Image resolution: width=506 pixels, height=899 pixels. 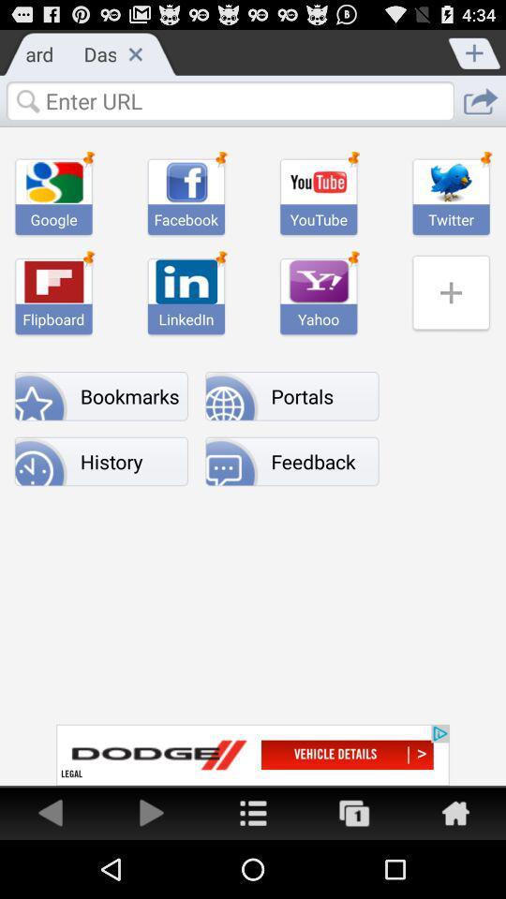 What do you see at coordinates (230, 100) in the screenshot?
I see `text box to enter url` at bounding box center [230, 100].